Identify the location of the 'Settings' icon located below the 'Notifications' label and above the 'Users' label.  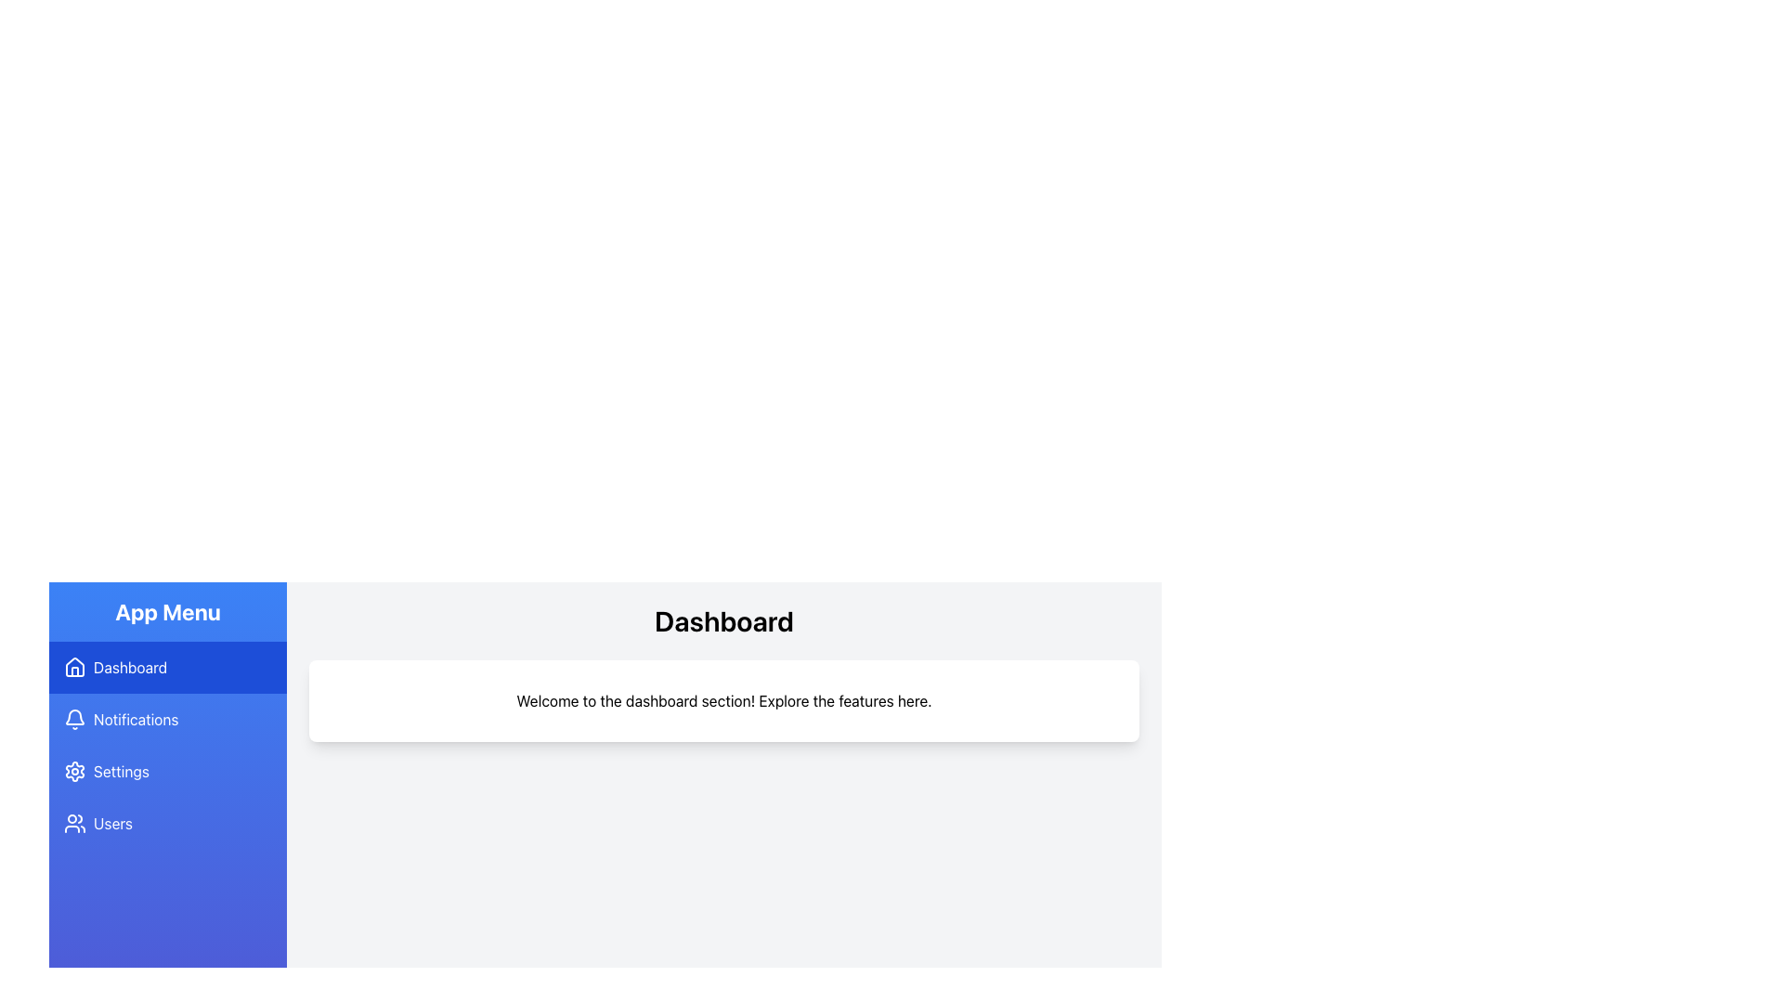
(74, 771).